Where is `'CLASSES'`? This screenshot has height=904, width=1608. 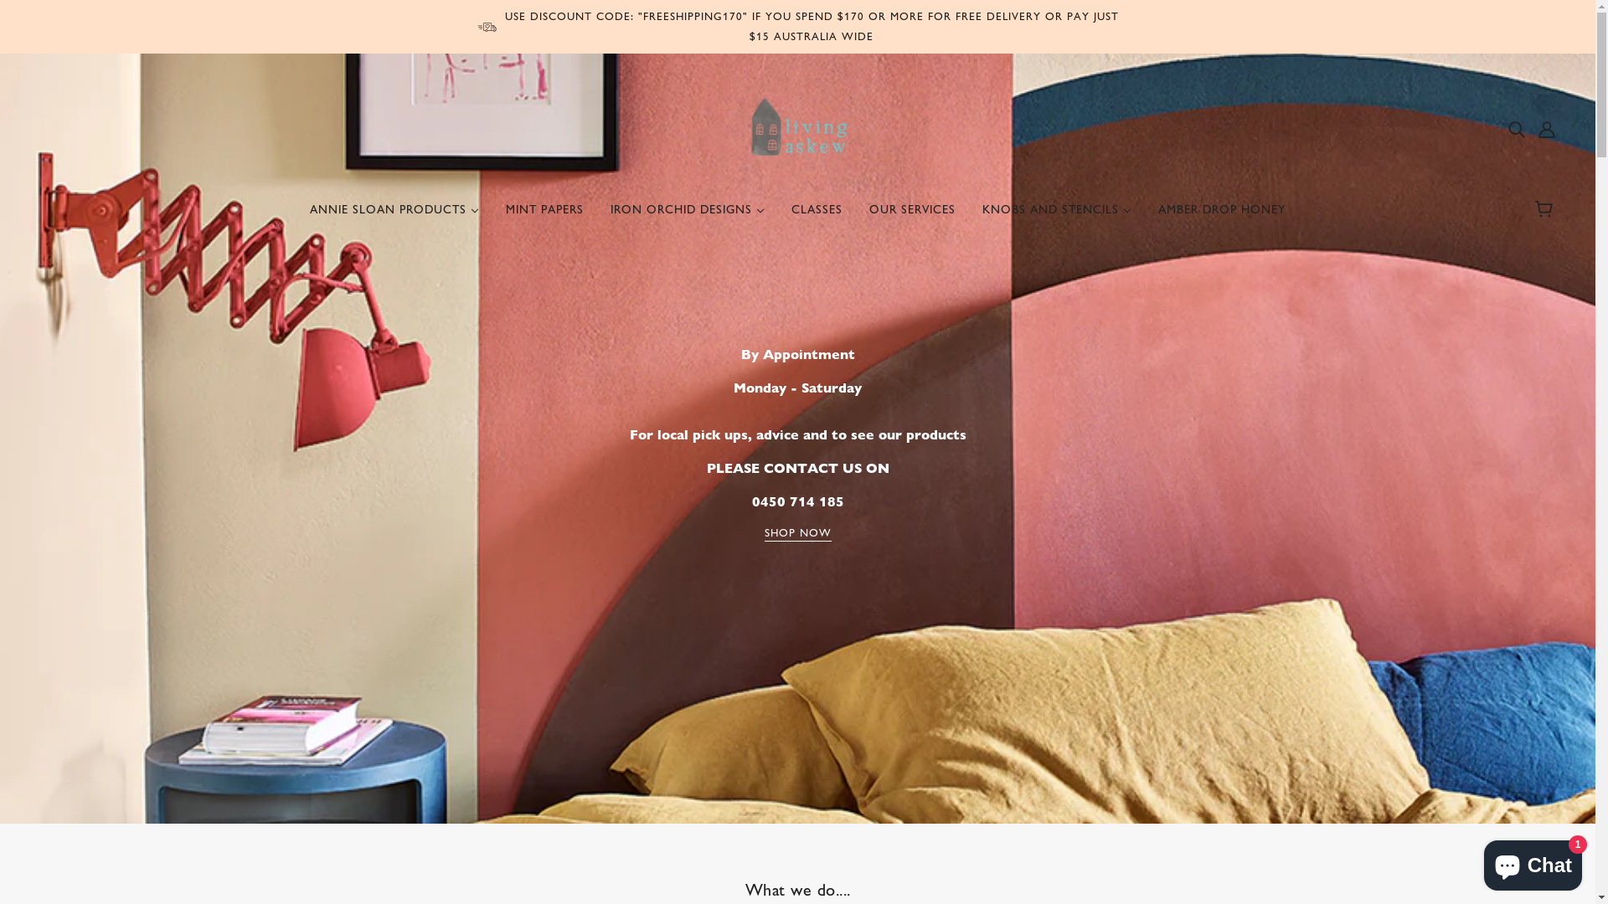 'CLASSES' is located at coordinates (817, 215).